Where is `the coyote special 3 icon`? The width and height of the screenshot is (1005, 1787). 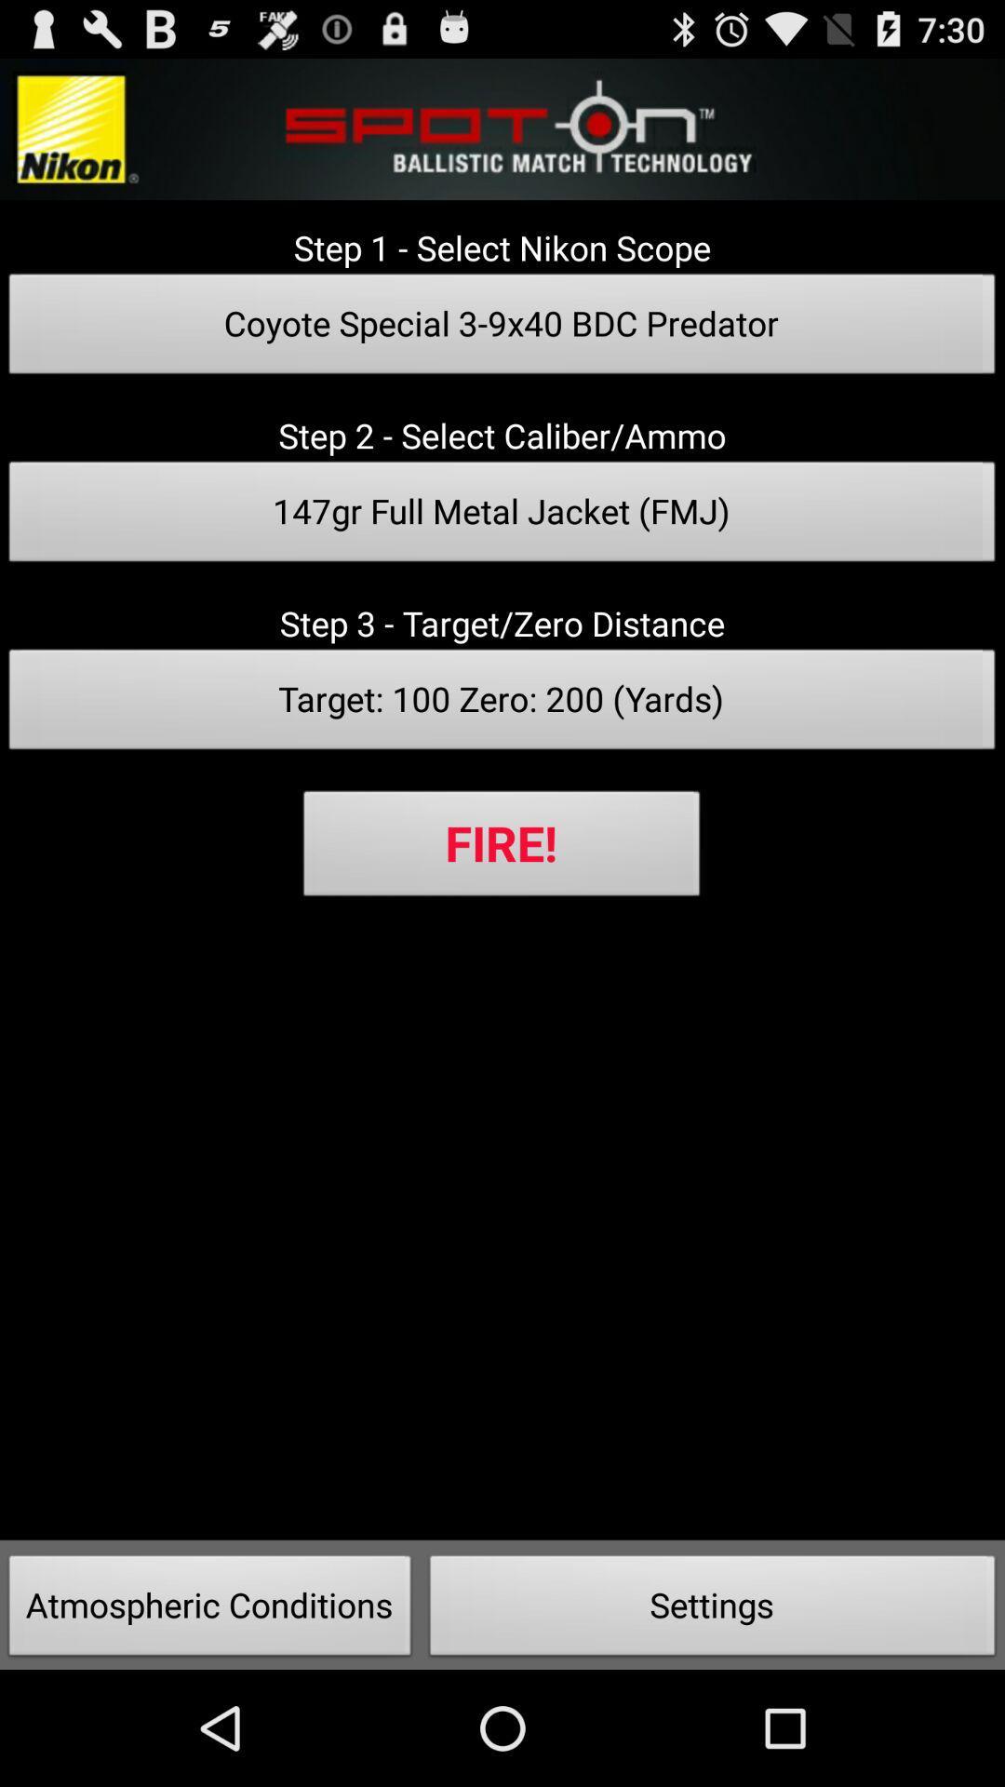 the coyote special 3 icon is located at coordinates (502, 329).